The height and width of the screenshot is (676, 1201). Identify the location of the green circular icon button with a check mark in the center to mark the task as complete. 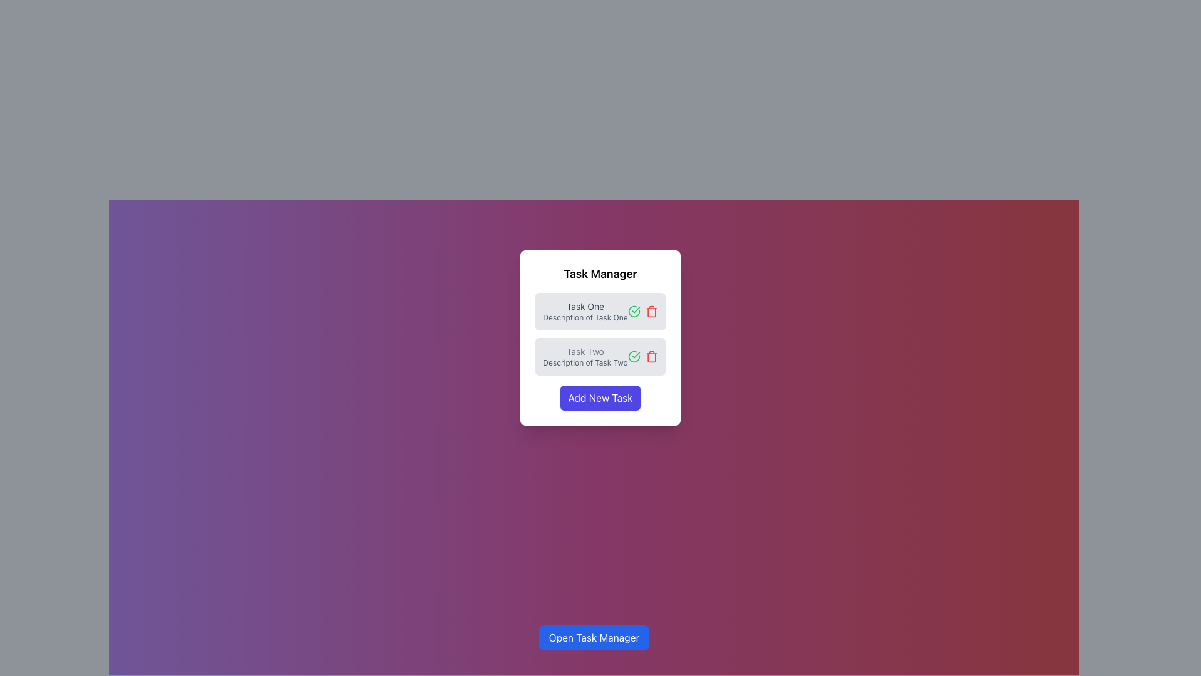
(634, 357).